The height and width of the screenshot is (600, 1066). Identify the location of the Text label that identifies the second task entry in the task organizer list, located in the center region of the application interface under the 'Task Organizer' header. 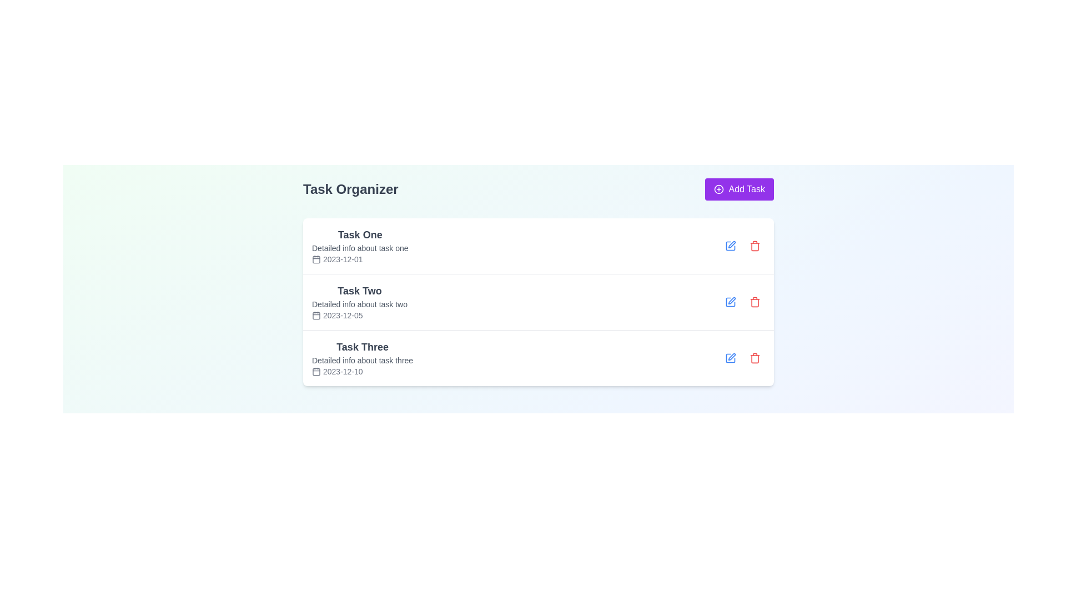
(360, 291).